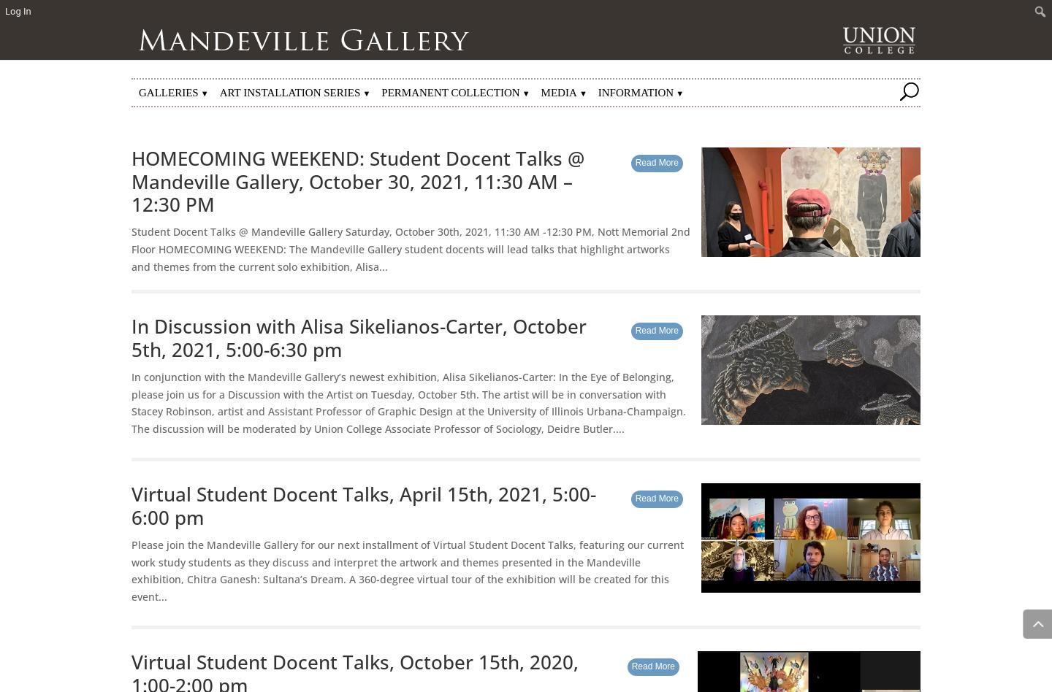 This screenshot has width=1052, height=692. I want to click on 'Wikoff Student Gallery', so click(209, 134).